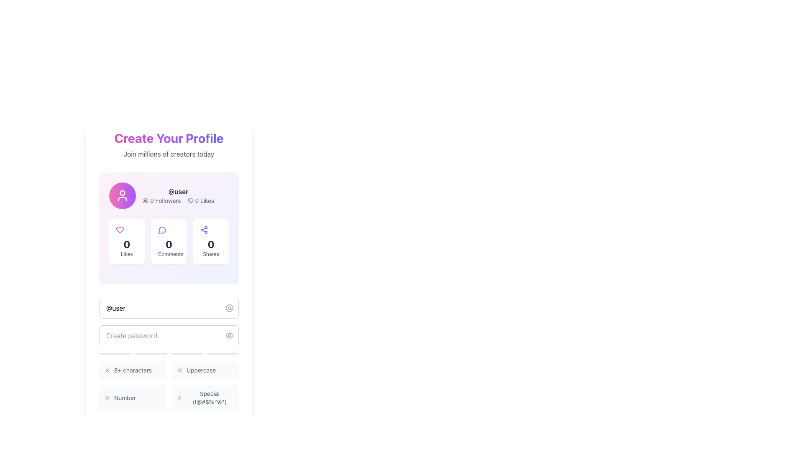 This screenshot has height=451, width=803. What do you see at coordinates (168, 354) in the screenshot?
I see `the set of status indicators for password requirements located below the password input field in the user profile creation section, if interactivity is enabled` at bounding box center [168, 354].